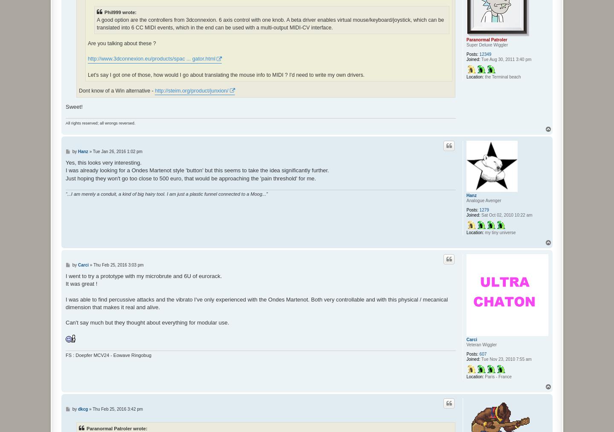 The image size is (614, 432). What do you see at coordinates (499, 232) in the screenshot?
I see `'my tiny universe'` at bounding box center [499, 232].